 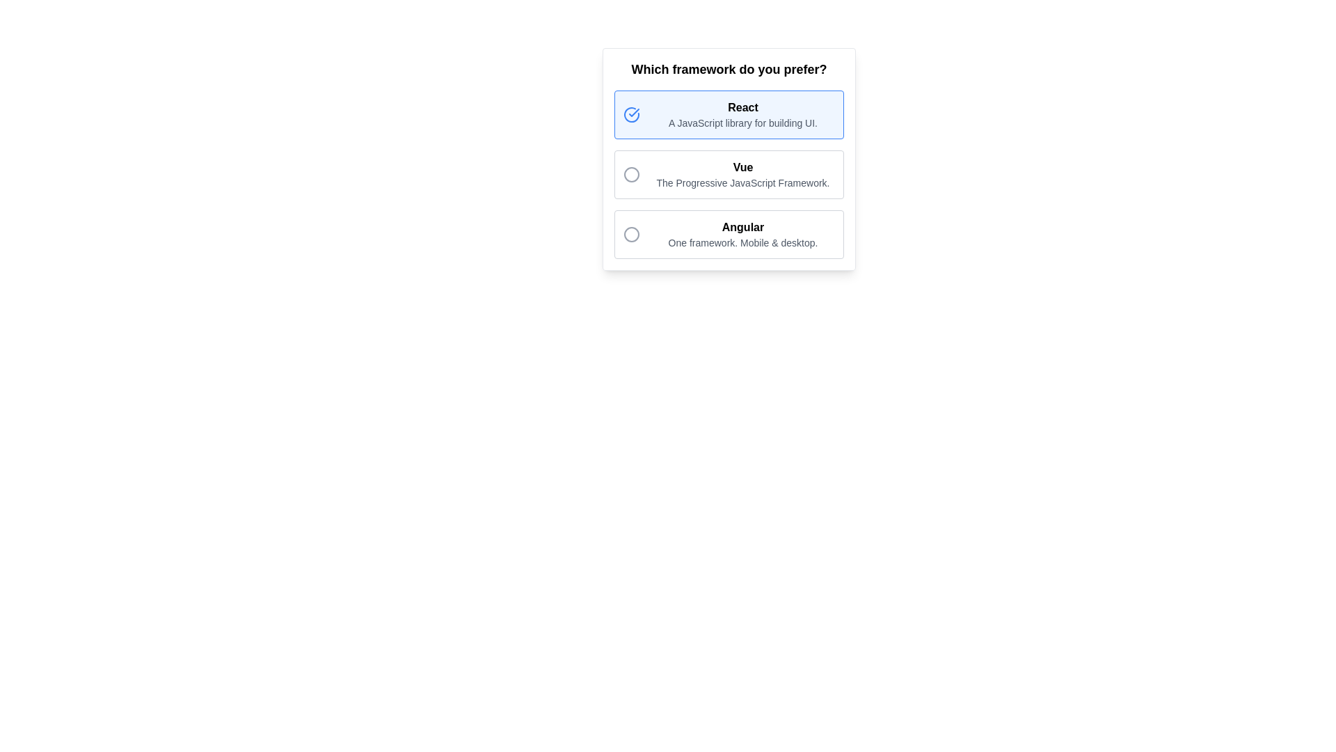 What do you see at coordinates (742, 166) in the screenshot?
I see `the label element that serves as the title for the 'Vue' choice in a list of selectable frameworks, which is positioned between 'React' and 'Angular'` at bounding box center [742, 166].